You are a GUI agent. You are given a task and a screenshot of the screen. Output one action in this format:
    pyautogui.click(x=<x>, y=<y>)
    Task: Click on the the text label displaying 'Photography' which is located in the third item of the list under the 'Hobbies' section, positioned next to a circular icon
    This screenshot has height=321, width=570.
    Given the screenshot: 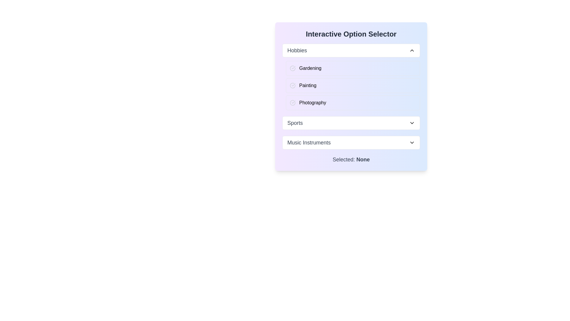 What is the action you would take?
    pyautogui.click(x=312, y=103)
    